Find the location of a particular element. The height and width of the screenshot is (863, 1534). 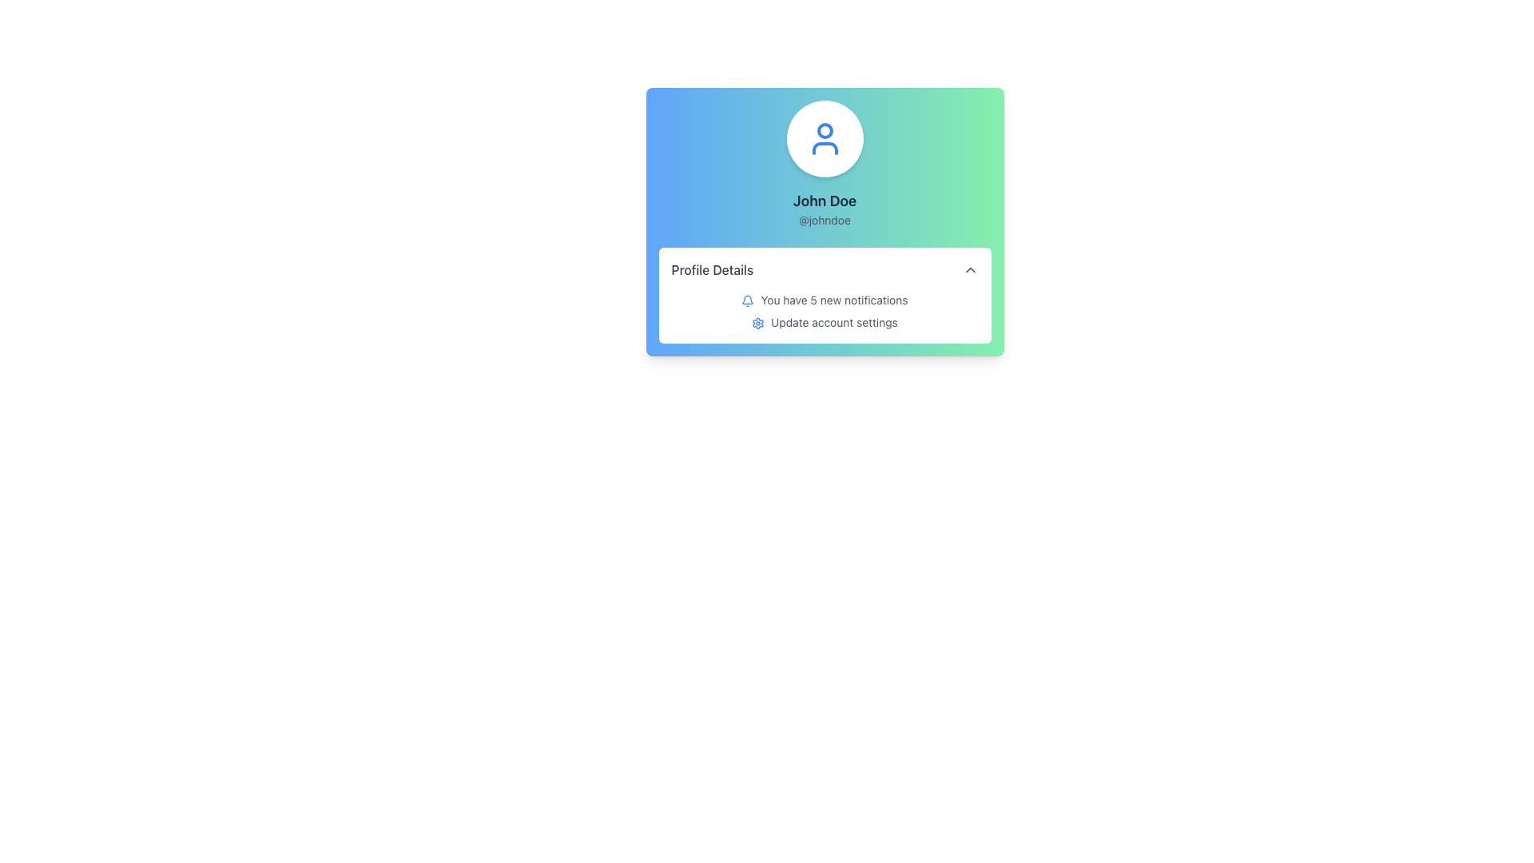

the static notification indicator text display located below the 'Profile Details' heading and above 'Update account settings' is located at coordinates (825, 300).